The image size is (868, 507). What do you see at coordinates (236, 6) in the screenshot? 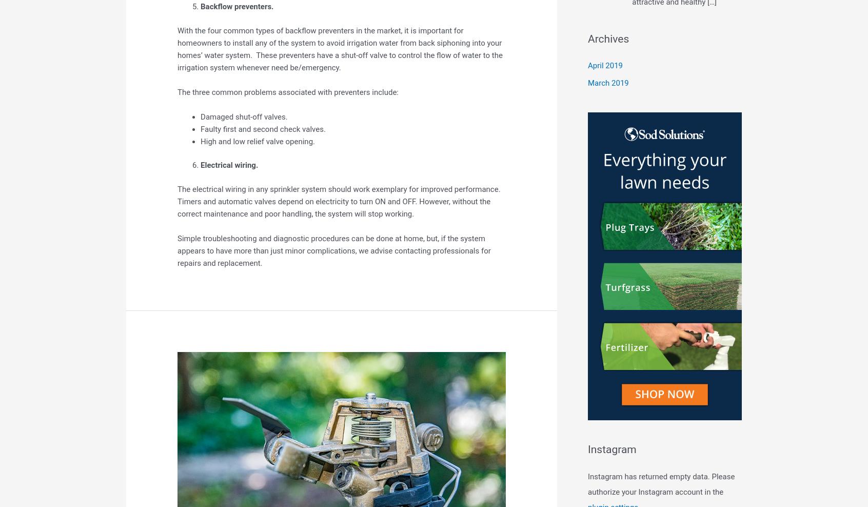
I see `'Backflow preventers.'` at bounding box center [236, 6].